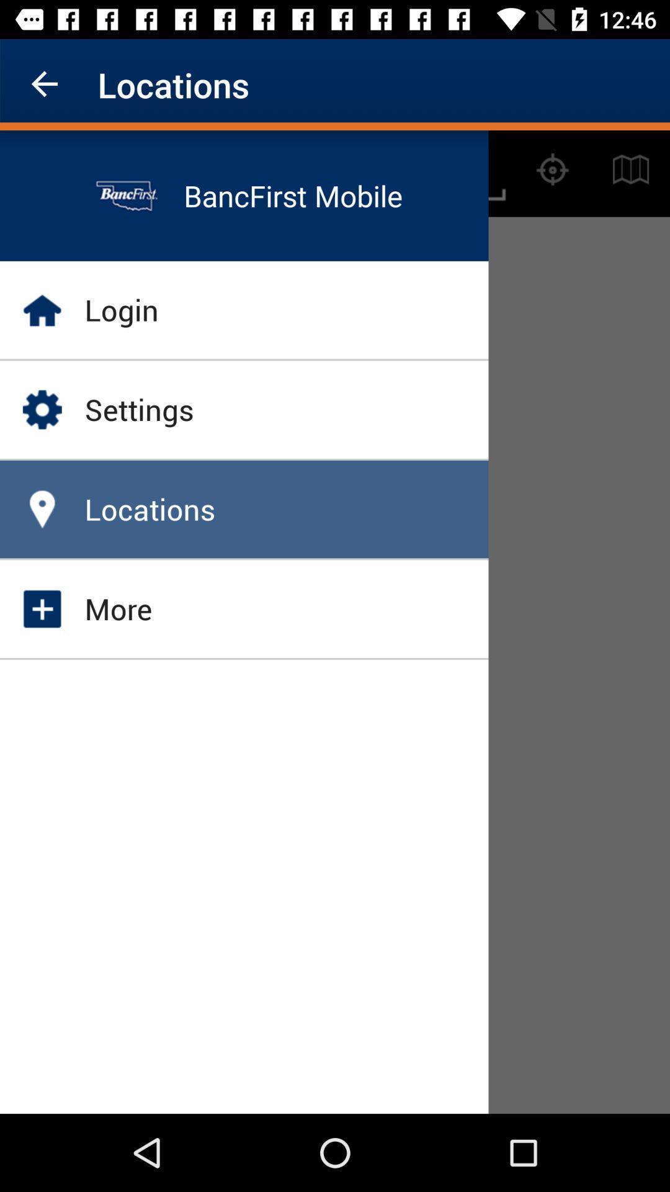 The image size is (670, 1192). Describe the element at coordinates (631, 169) in the screenshot. I see `the book icon` at that location.